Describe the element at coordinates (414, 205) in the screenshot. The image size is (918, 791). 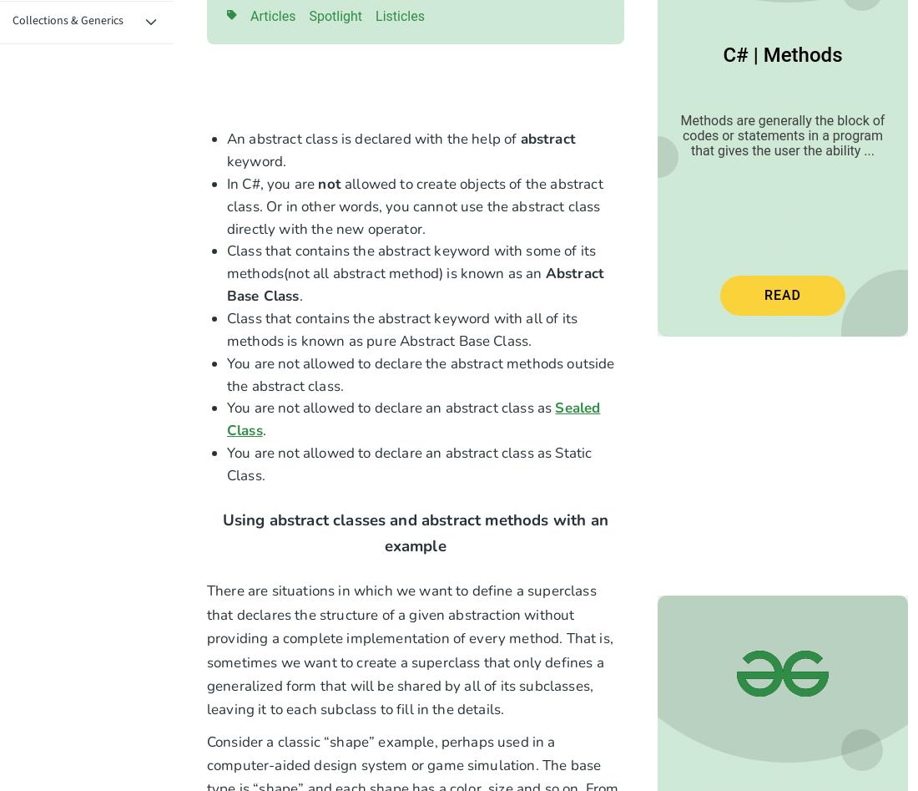
I see `'allowed to create objects of the abstract class. Or in other words, you cannot use the abstract class directly with the new operator.'` at that location.